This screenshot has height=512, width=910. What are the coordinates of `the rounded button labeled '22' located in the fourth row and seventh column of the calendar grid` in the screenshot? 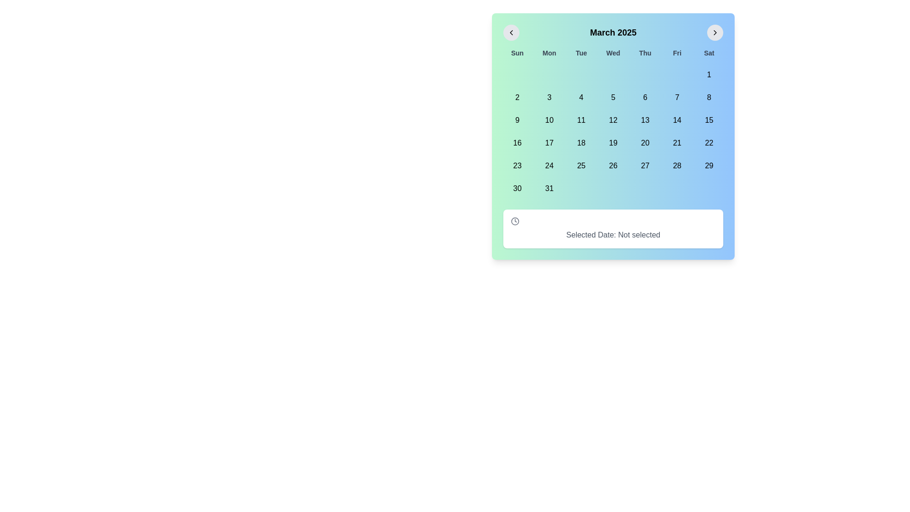 It's located at (709, 143).